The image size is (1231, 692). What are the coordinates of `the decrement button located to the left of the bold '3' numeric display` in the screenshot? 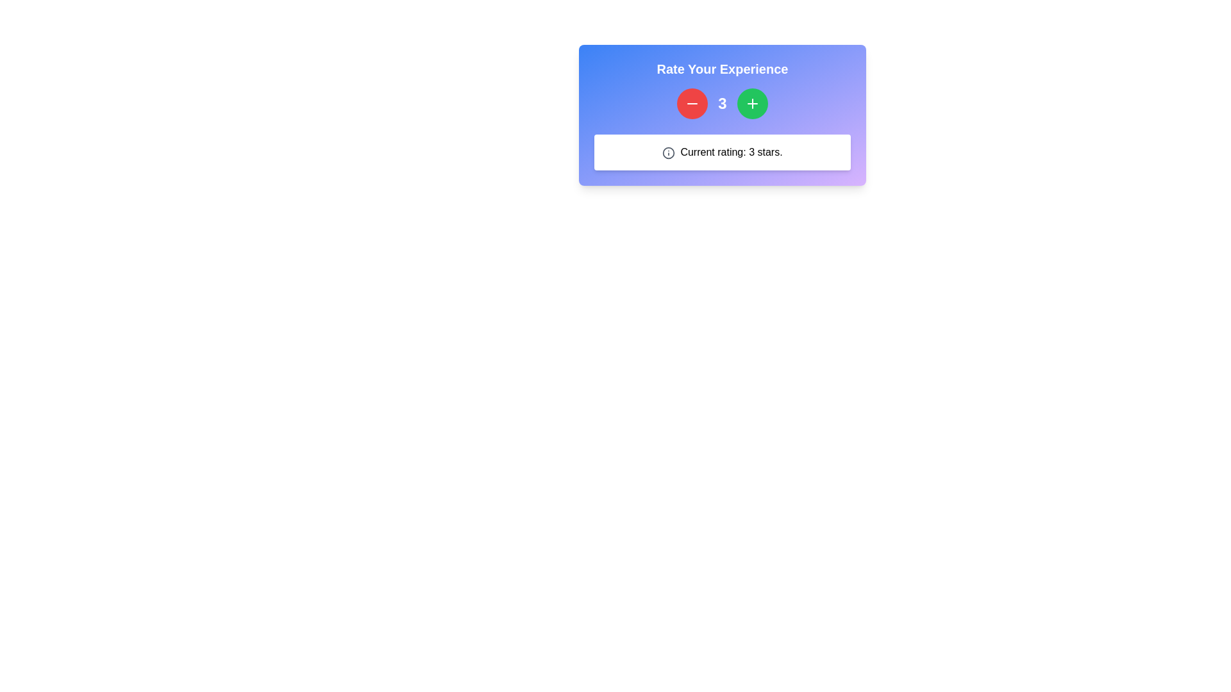 It's located at (692, 103).